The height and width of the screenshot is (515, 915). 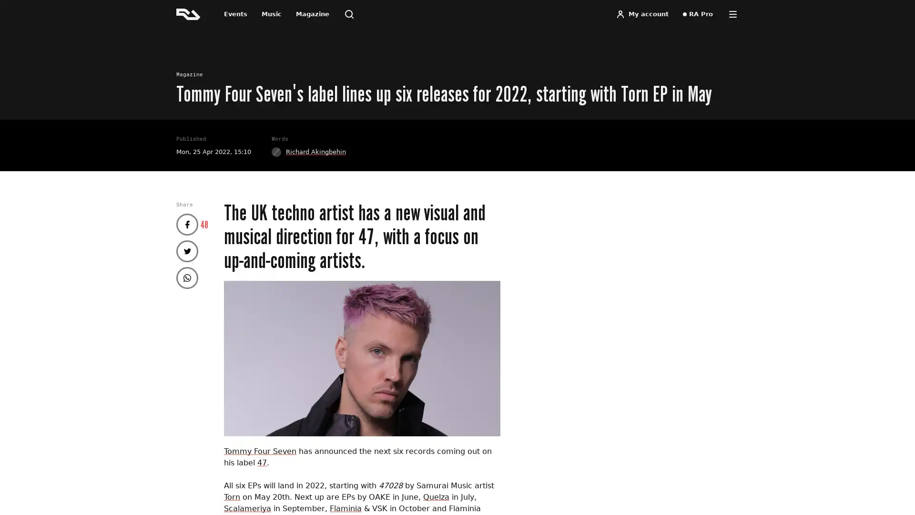 What do you see at coordinates (187, 278) in the screenshot?
I see `whatsapp` at bounding box center [187, 278].